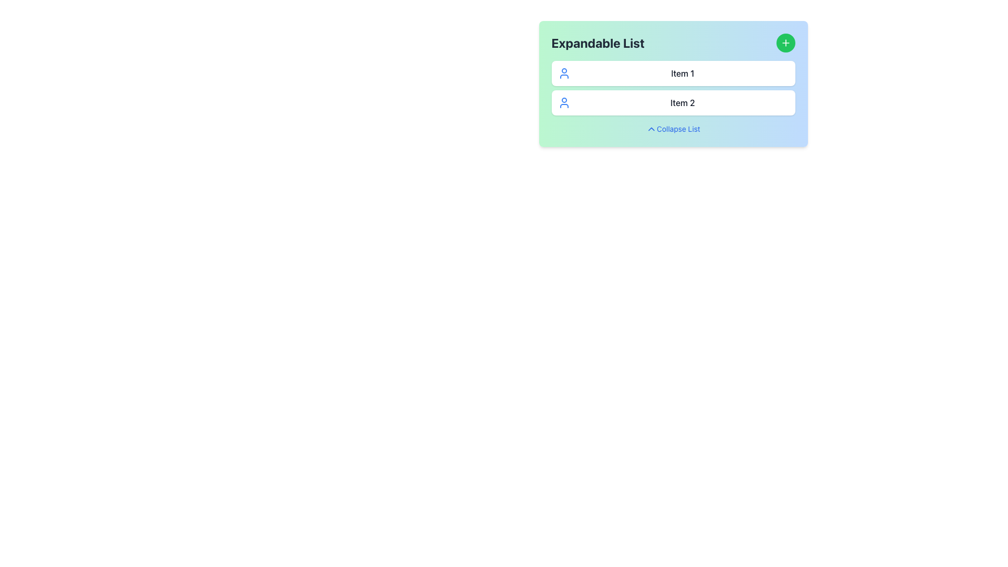 The height and width of the screenshot is (567, 1008). I want to click on the text label 'Item 2' which is styled with a medium-weight font and colored in dark gray, located within a rounded white card and below 'Item 1', so click(682, 103).